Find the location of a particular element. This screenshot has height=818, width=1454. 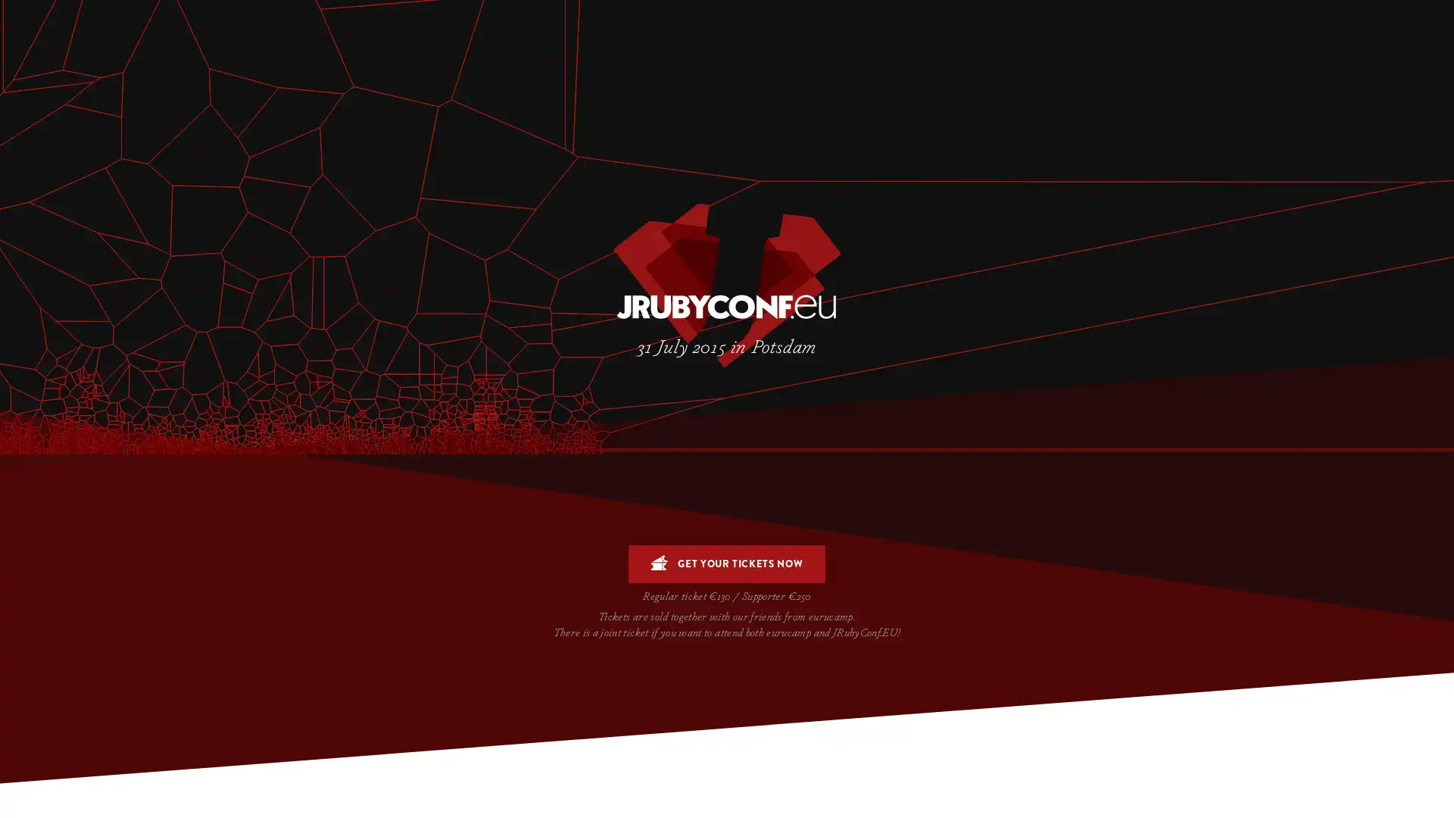

GET YOUR TICKETS NOW is located at coordinates (727, 564).